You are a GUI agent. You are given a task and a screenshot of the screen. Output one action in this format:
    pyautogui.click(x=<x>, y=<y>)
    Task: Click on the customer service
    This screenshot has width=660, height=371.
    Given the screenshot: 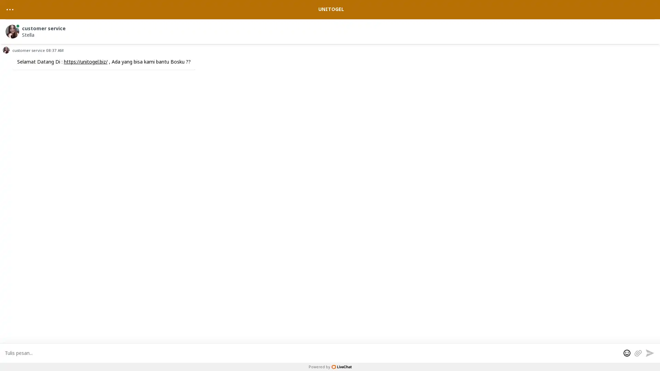 What is the action you would take?
    pyautogui.click(x=331, y=30)
    